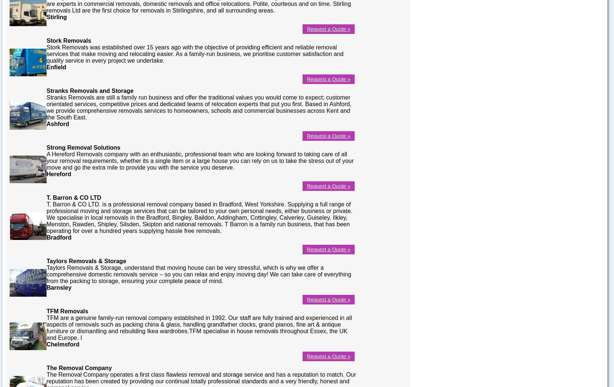 Image resolution: width=614 pixels, height=387 pixels. Describe the element at coordinates (199, 217) in the screenshot. I see `'T. Barron & CO LTD. is a professional removal company based in Bradford, West Yorkshire.    Supplying a full range of professional moving and storage services that can be tailored to your own personal needs, either business or private.  We specialise in local removals in the Bradford, Bingley, Baildon, Addingham, Cottingley, Calverley, Guiseley, Ilkley, Menston, Rawden, Shipley, Silsden, Skipton and national removals.  T Barron is a family run business, that has been operating for over a hundred years supplying hassle free removals.'` at that location.